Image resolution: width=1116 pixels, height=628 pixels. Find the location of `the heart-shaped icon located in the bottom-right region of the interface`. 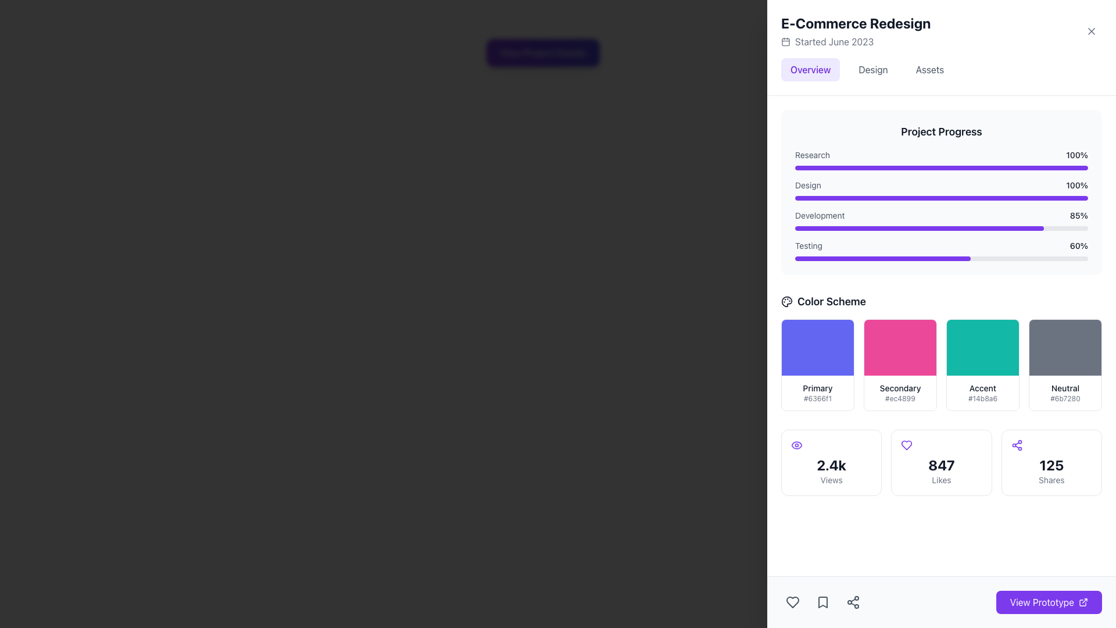

the heart-shaped icon located in the bottom-right region of the interface is located at coordinates (792, 602).